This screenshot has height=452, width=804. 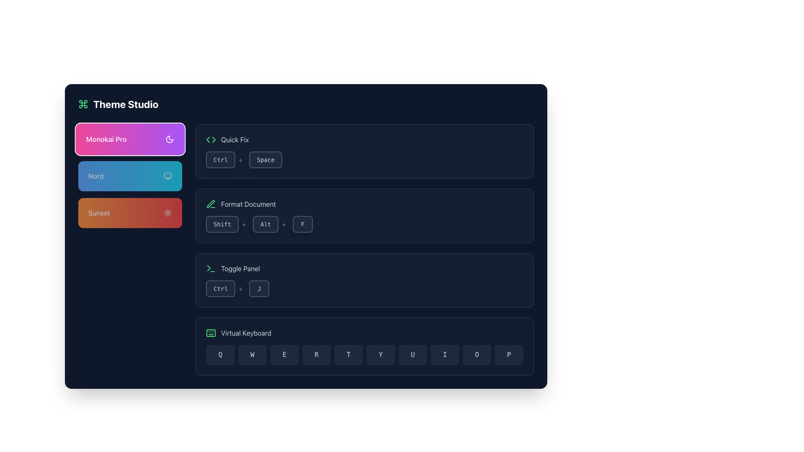 What do you see at coordinates (226, 159) in the screenshot?
I see `the 'Ctrl' keyboard key representation in the 'Quick Fix' section, which is a rectangular button with a dark background and rounded edges, labeled in light gray monospaced font` at bounding box center [226, 159].